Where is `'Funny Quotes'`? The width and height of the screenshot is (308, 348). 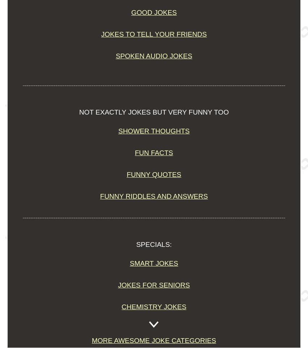
'Funny Quotes' is located at coordinates (154, 174).